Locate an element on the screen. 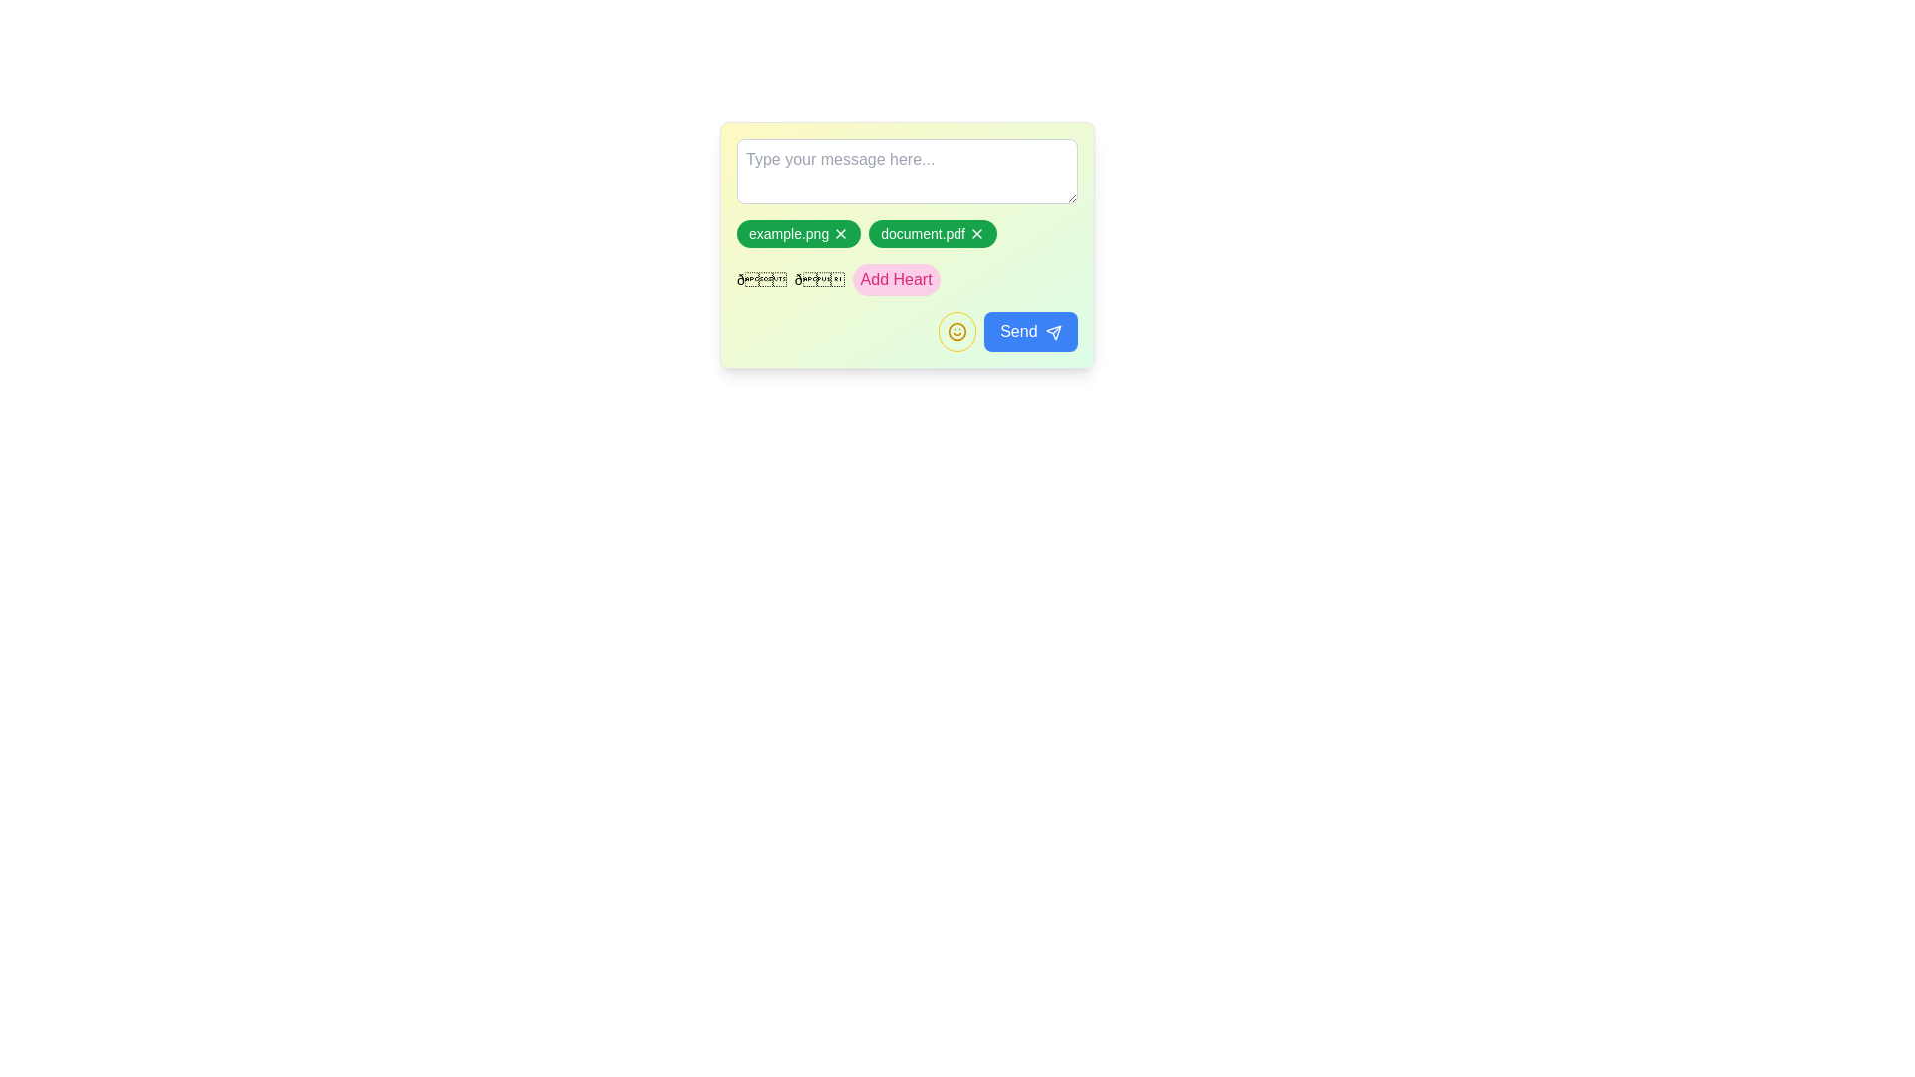 The image size is (1915, 1077). the file tag displaying 'example.png' to focus or select it is located at coordinates (799, 233).